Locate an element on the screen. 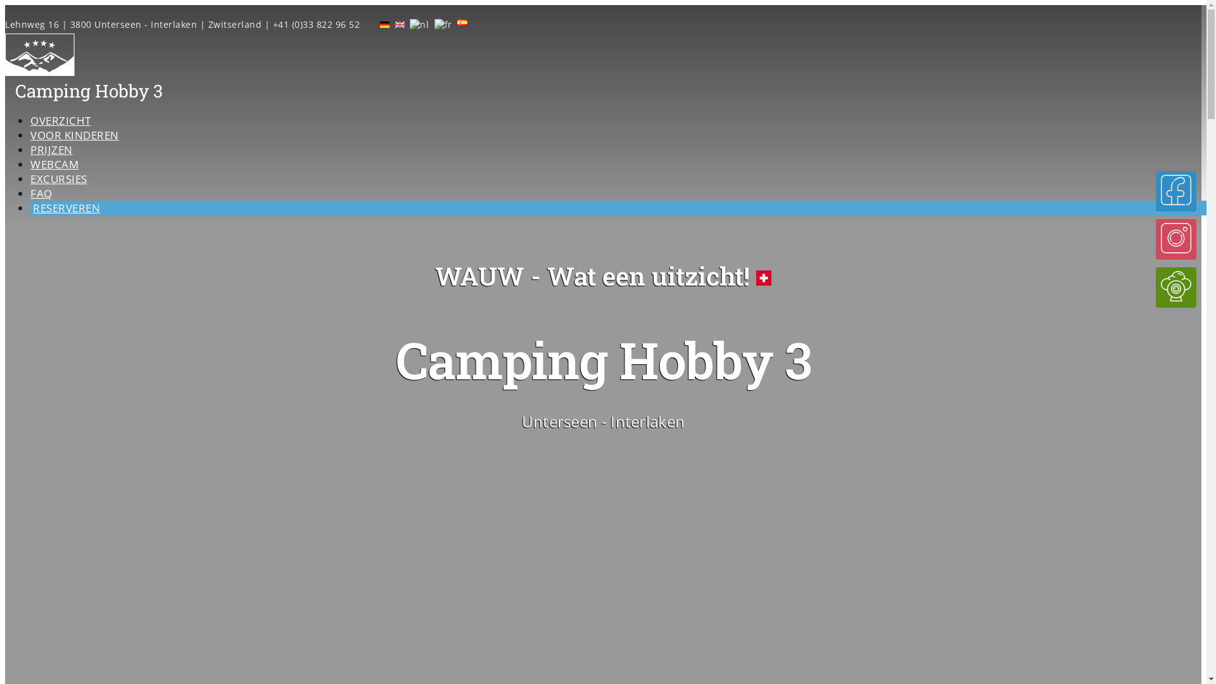 The width and height of the screenshot is (1216, 684). 'Geef ons een Like op Facebook.' is located at coordinates (361, 24).